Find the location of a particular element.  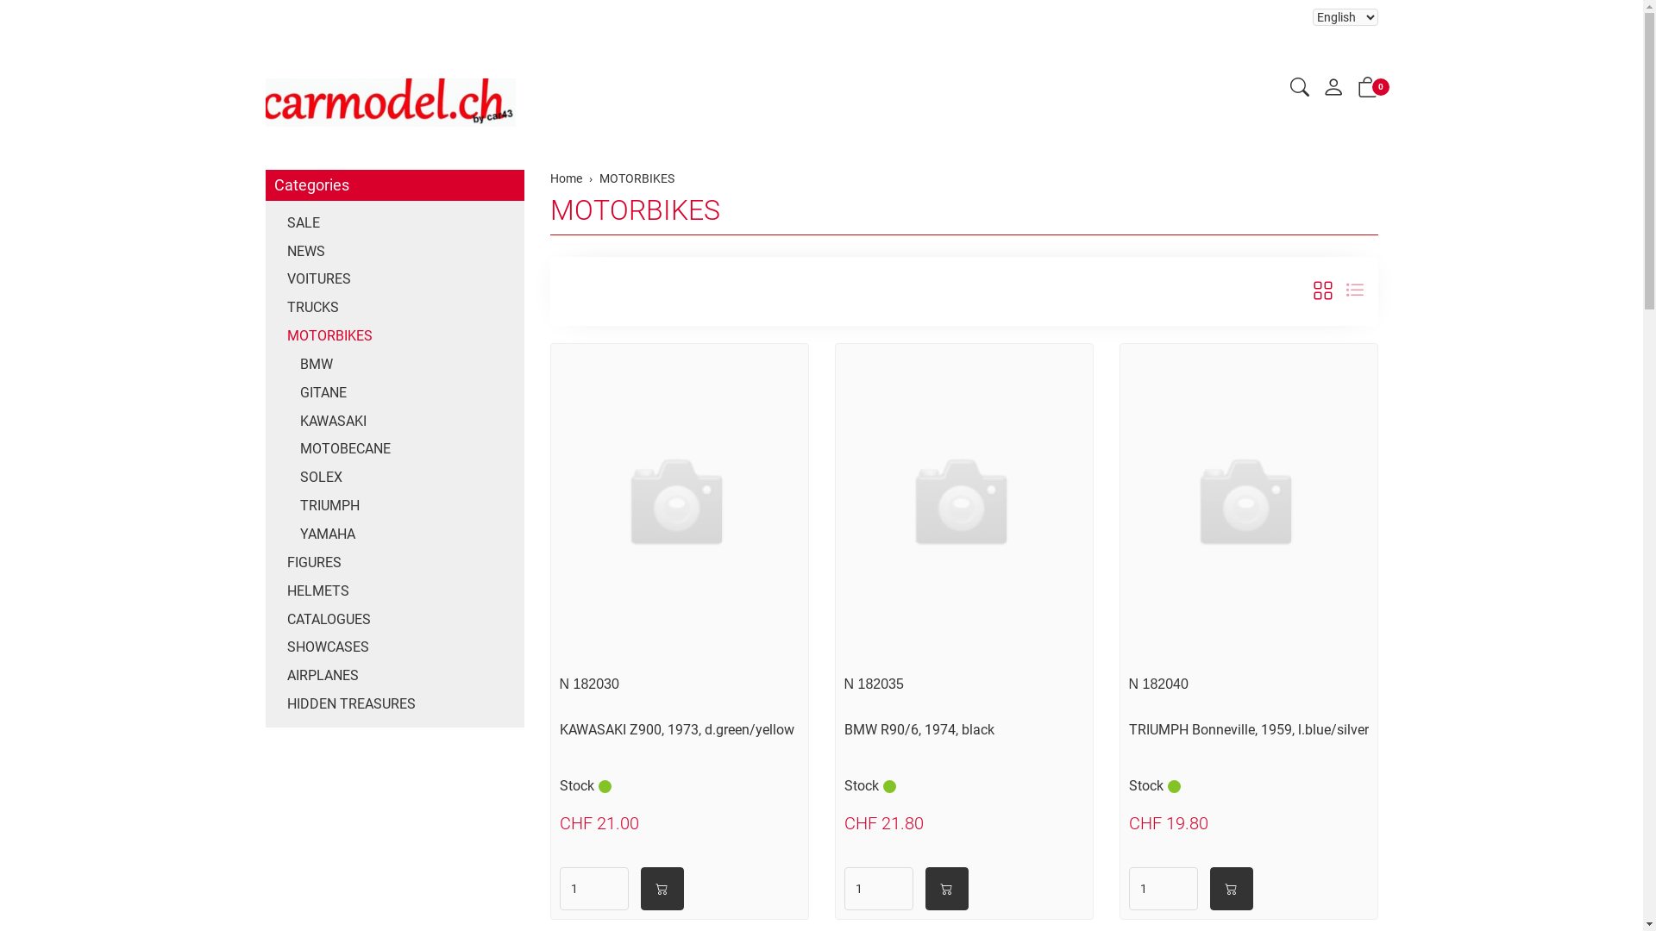

'into shopping cart' is located at coordinates (1229, 888).